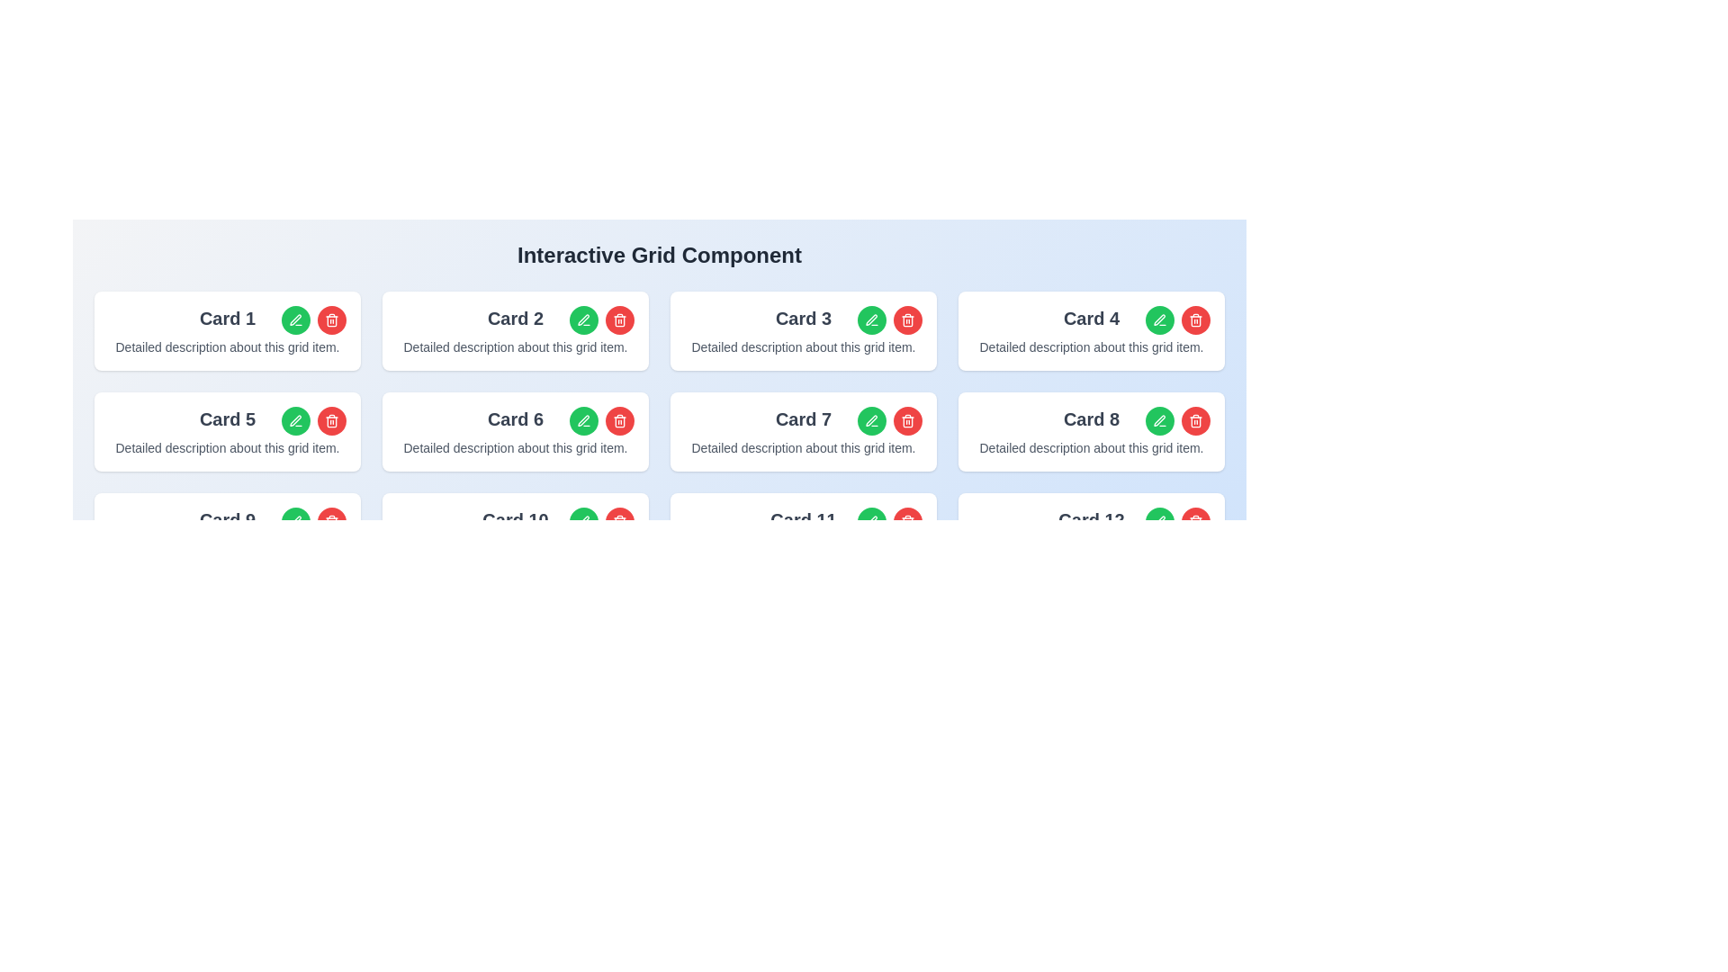  What do you see at coordinates (296, 319) in the screenshot?
I see `the pen icon within the green circular button located in the top row of the grid layout associated with Card 1` at bounding box center [296, 319].